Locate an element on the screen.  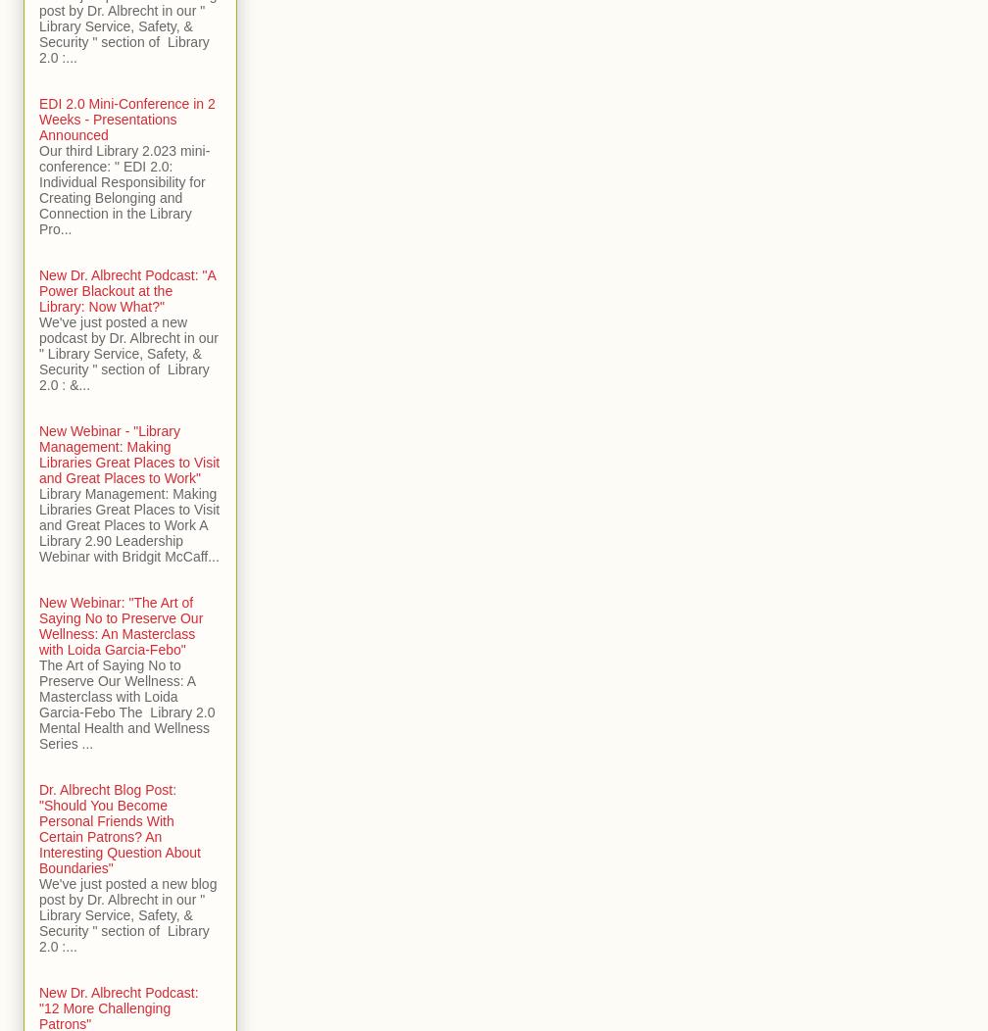
'EDI 2.0 Mini-Conference in 2 Weeks - Presentations Announced' is located at coordinates (126, 120).